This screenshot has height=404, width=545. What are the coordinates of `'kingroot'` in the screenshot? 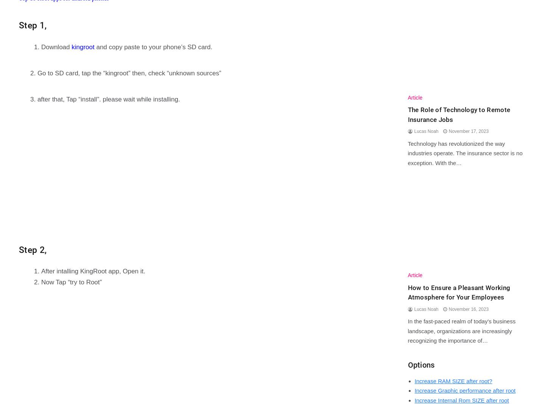 It's located at (83, 46).